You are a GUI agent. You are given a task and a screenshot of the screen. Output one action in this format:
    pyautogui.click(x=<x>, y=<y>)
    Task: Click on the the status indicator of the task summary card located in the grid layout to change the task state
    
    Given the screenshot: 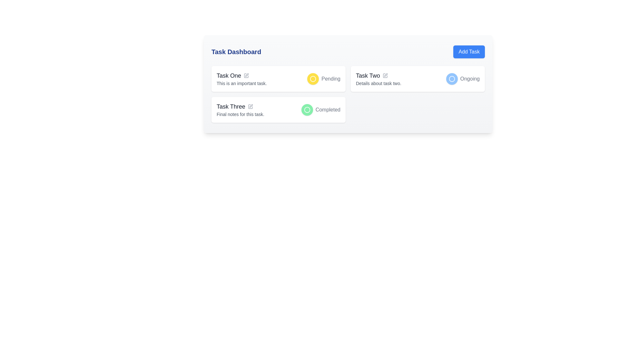 What is the action you would take?
    pyautogui.click(x=279, y=109)
    